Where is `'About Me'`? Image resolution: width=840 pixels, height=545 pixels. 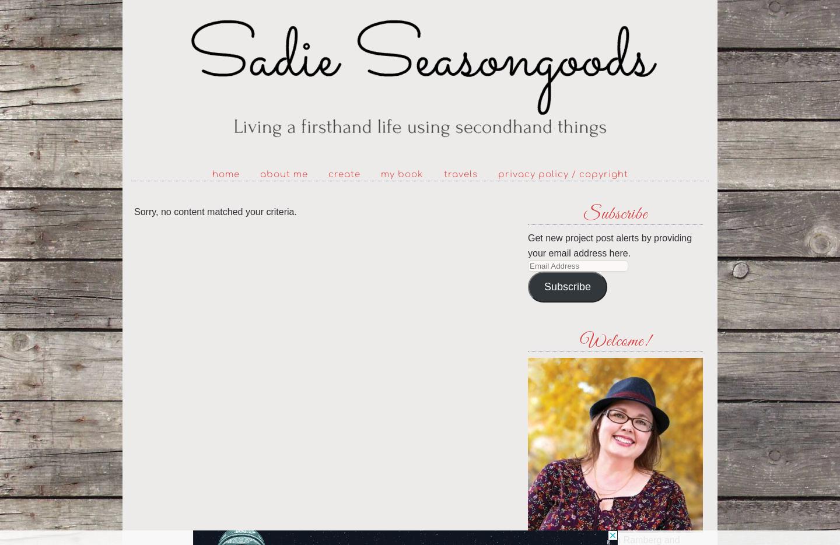 'About Me' is located at coordinates (283, 174).